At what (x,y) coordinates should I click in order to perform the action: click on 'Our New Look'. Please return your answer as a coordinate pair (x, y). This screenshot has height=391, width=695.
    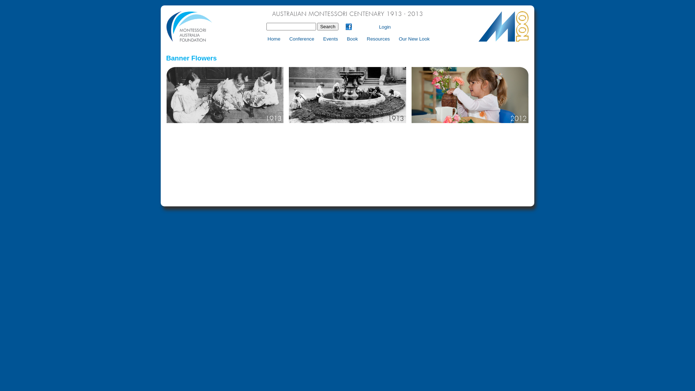
    Looking at the image, I should click on (414, 39).